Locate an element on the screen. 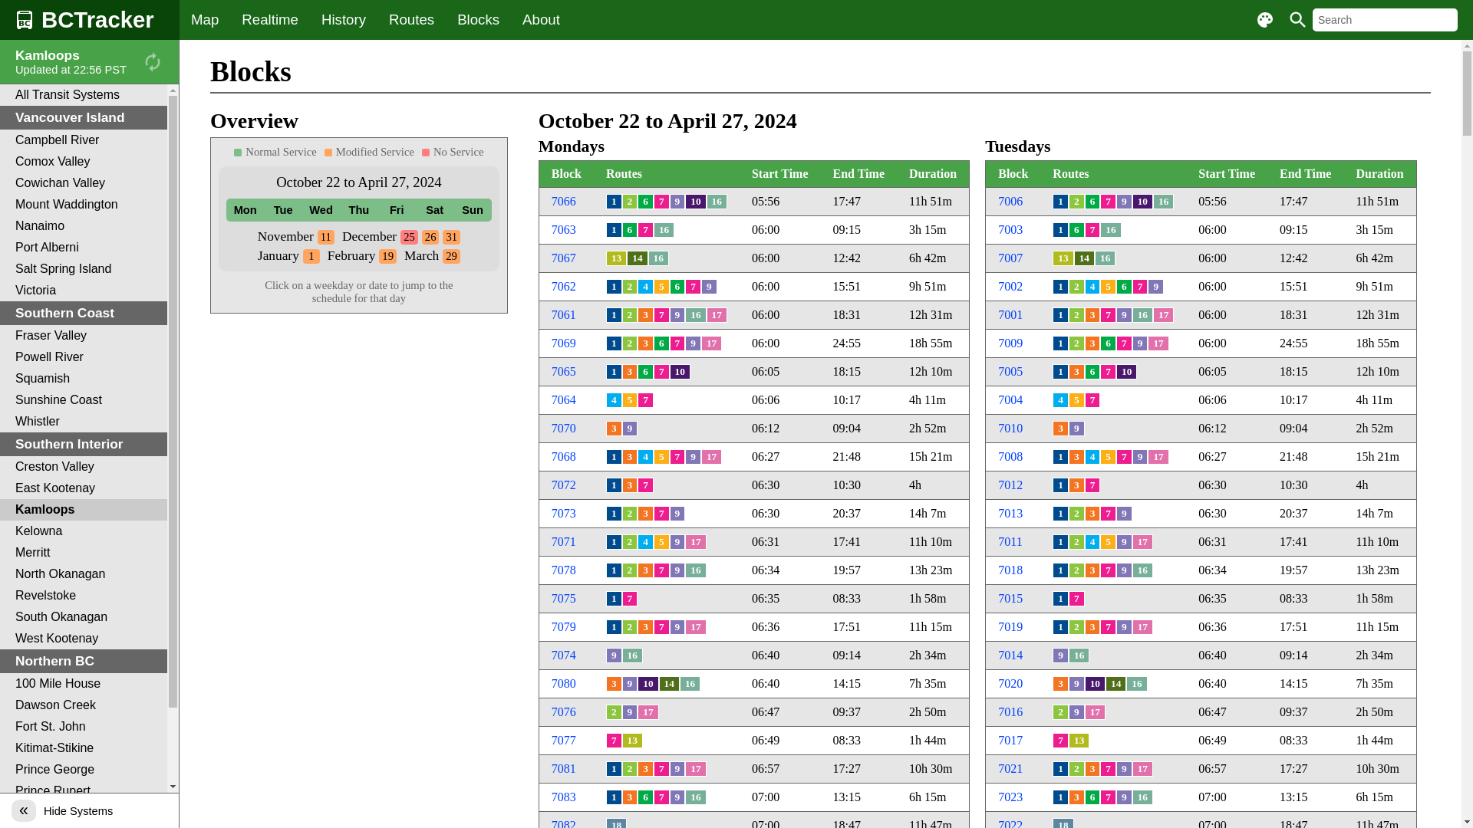 This screenshot has height=828, width=1473. '17' is located at coordinates (1158, 342).